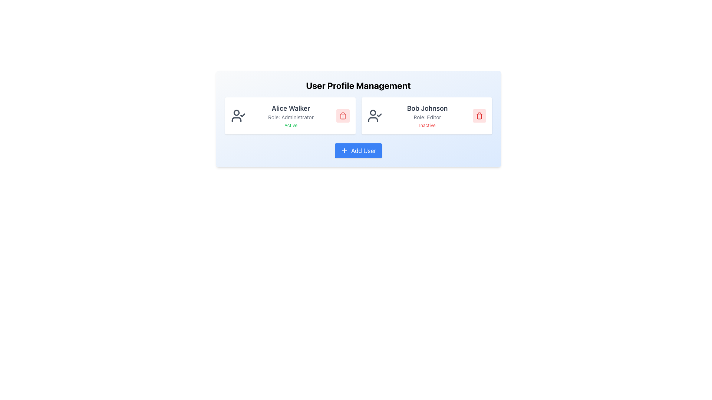 The height and width of the screenshot is (400, 712). What do you see at coordinates (290, 117) in the screenshot?
I see `the static text label that reads 'Role: Administrator', which is displayed in a small gray font and is positioned directly below 'Alice Walker'` at bounding box center [290, 117].